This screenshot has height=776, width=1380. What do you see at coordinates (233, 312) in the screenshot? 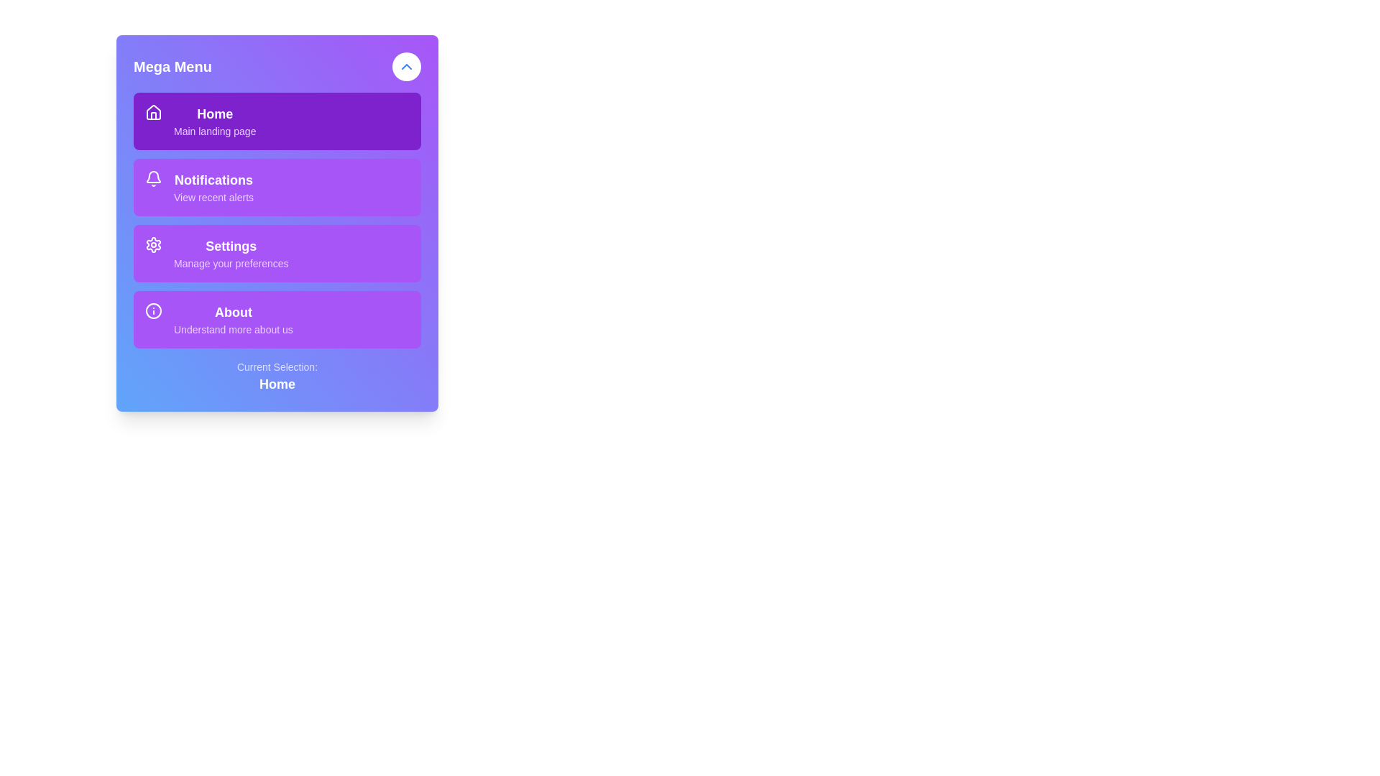
I see `the 'About' text label, which is a bold, larger text centered within a purple rectangular section in the top-left menu` at bounding box center [233, 312].